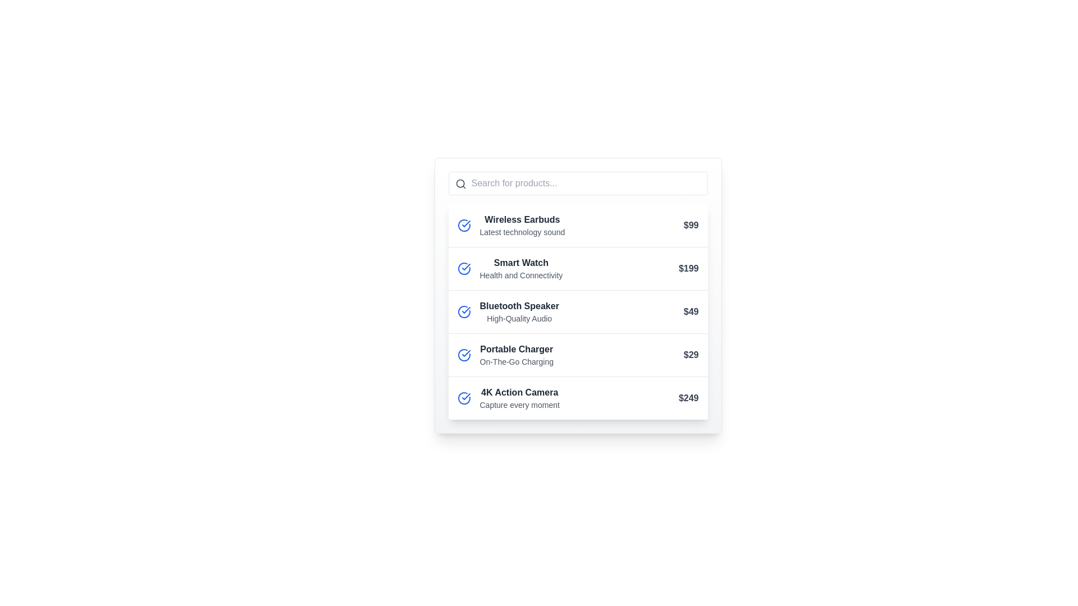  What do you see at coordinates (578, 355) in the screenshot?
I see `the fourth item in the product listing` at bounding box center [578, 355].